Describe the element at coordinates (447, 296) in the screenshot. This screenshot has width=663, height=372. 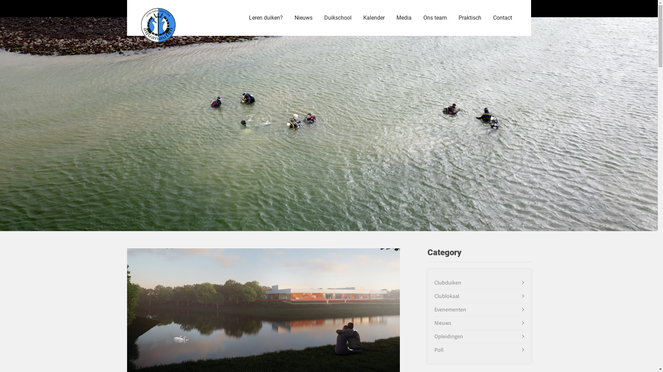
I see `'Clublokaal'` at that location.